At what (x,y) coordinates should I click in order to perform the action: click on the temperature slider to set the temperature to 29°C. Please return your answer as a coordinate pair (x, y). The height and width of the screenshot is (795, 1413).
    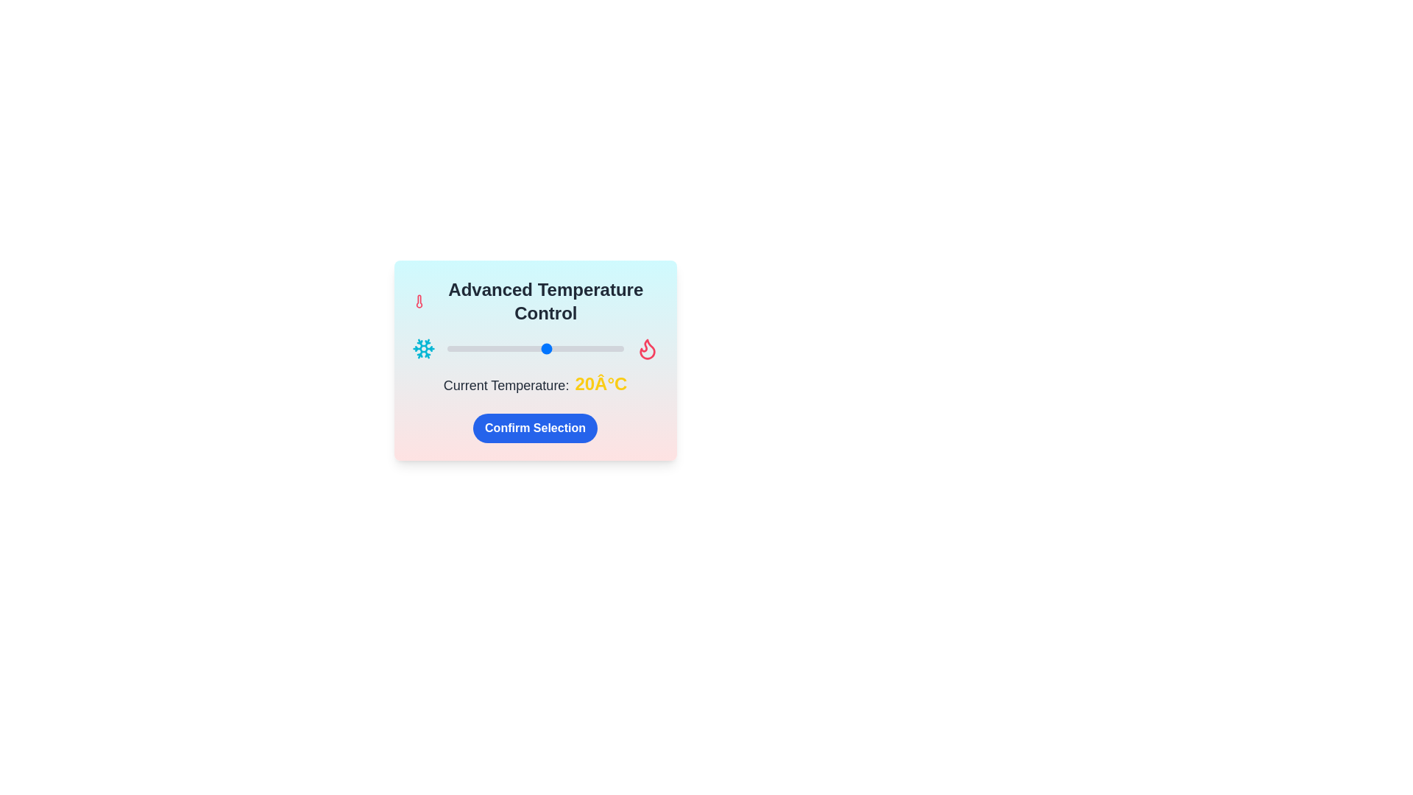
    Looking at the image, I should click on (570, 349).